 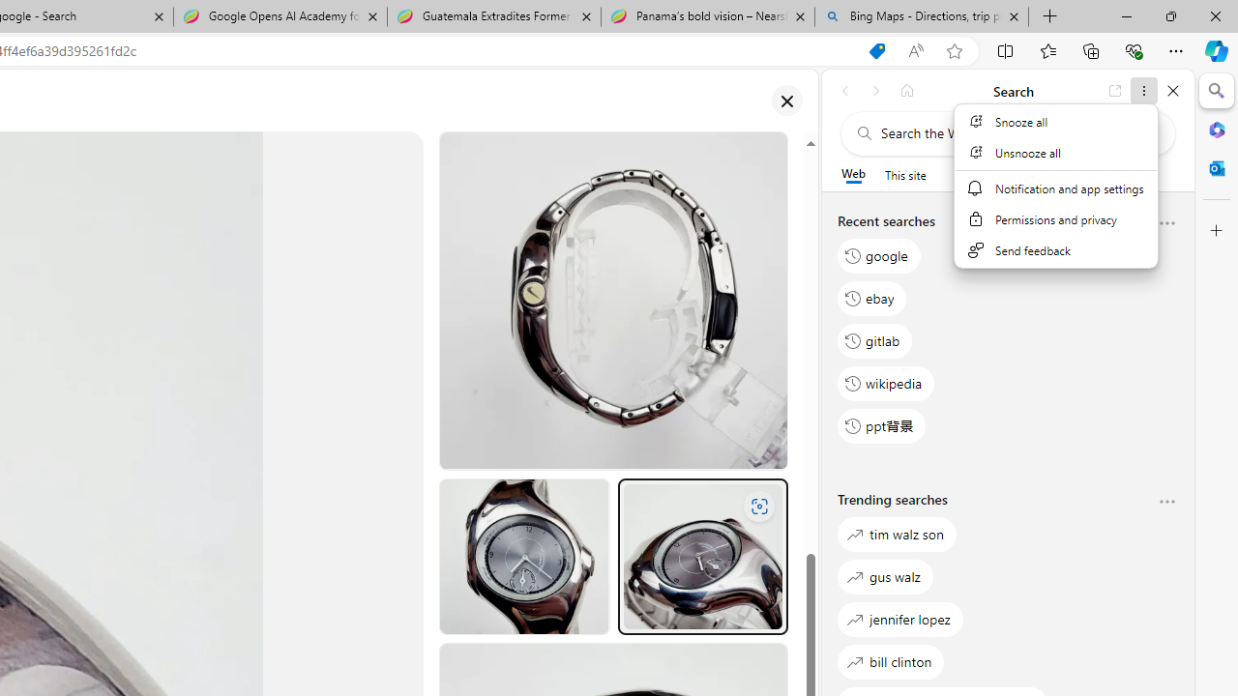 What do you see at coordinates (874, 339) in the screenshot?
I see `'gitlab'` at bounding box center [874, 339].